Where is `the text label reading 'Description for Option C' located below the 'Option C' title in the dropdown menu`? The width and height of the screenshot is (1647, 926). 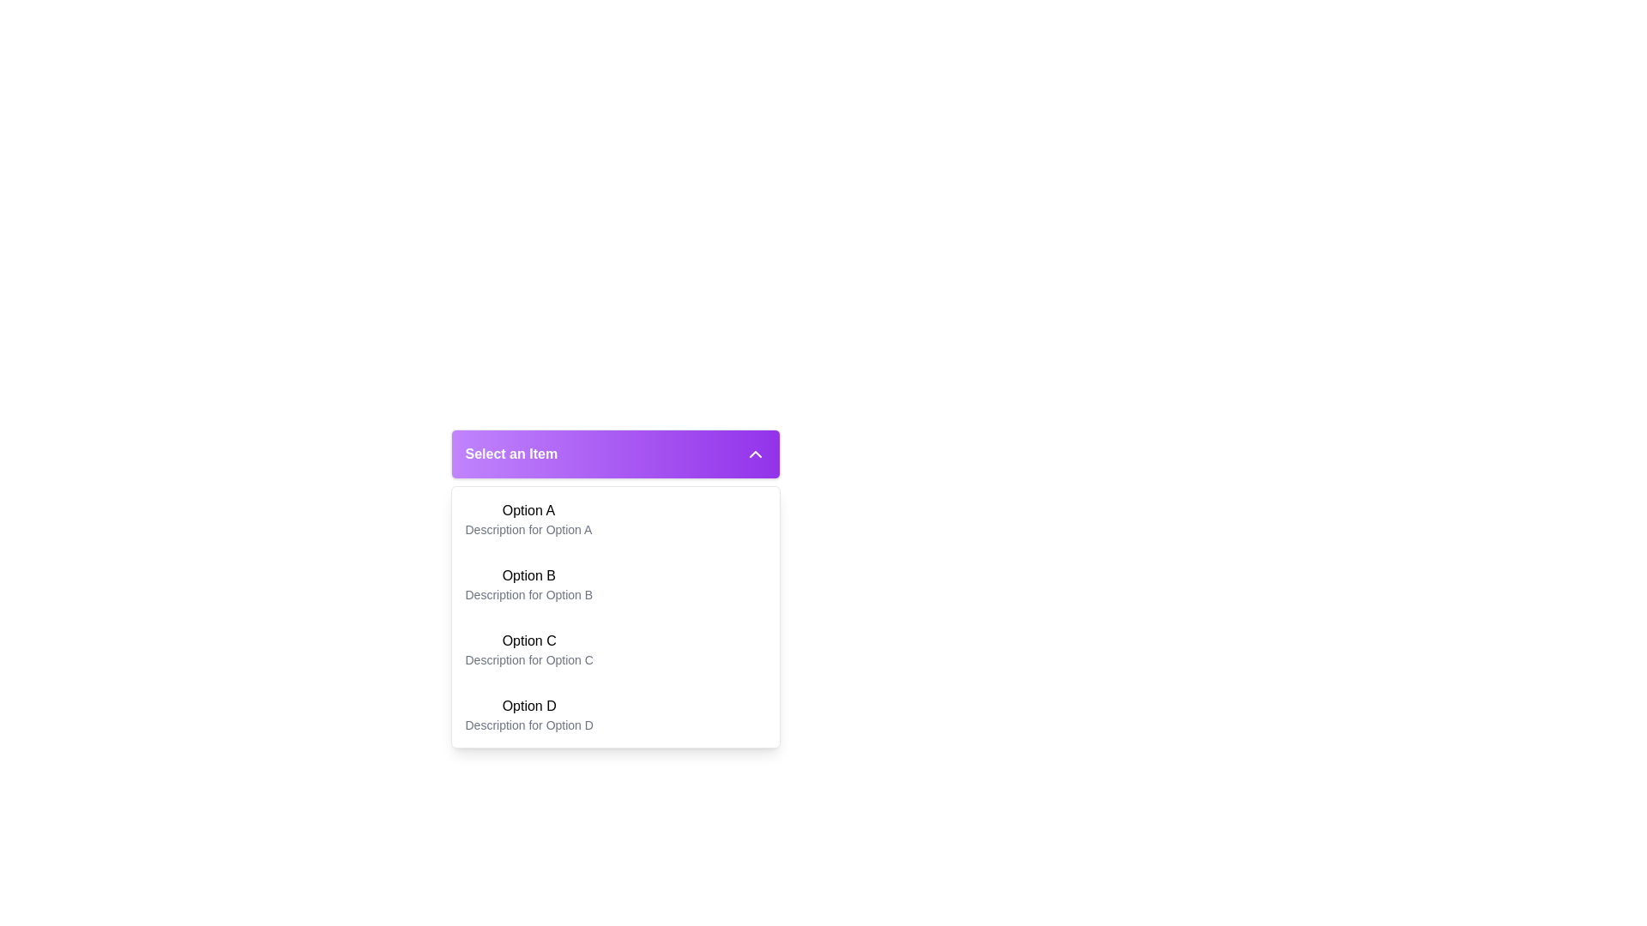
the text label reading 'Description for Option C' located below the 'Option C' title in the dropdown menu is located at coordinates (528, 659).